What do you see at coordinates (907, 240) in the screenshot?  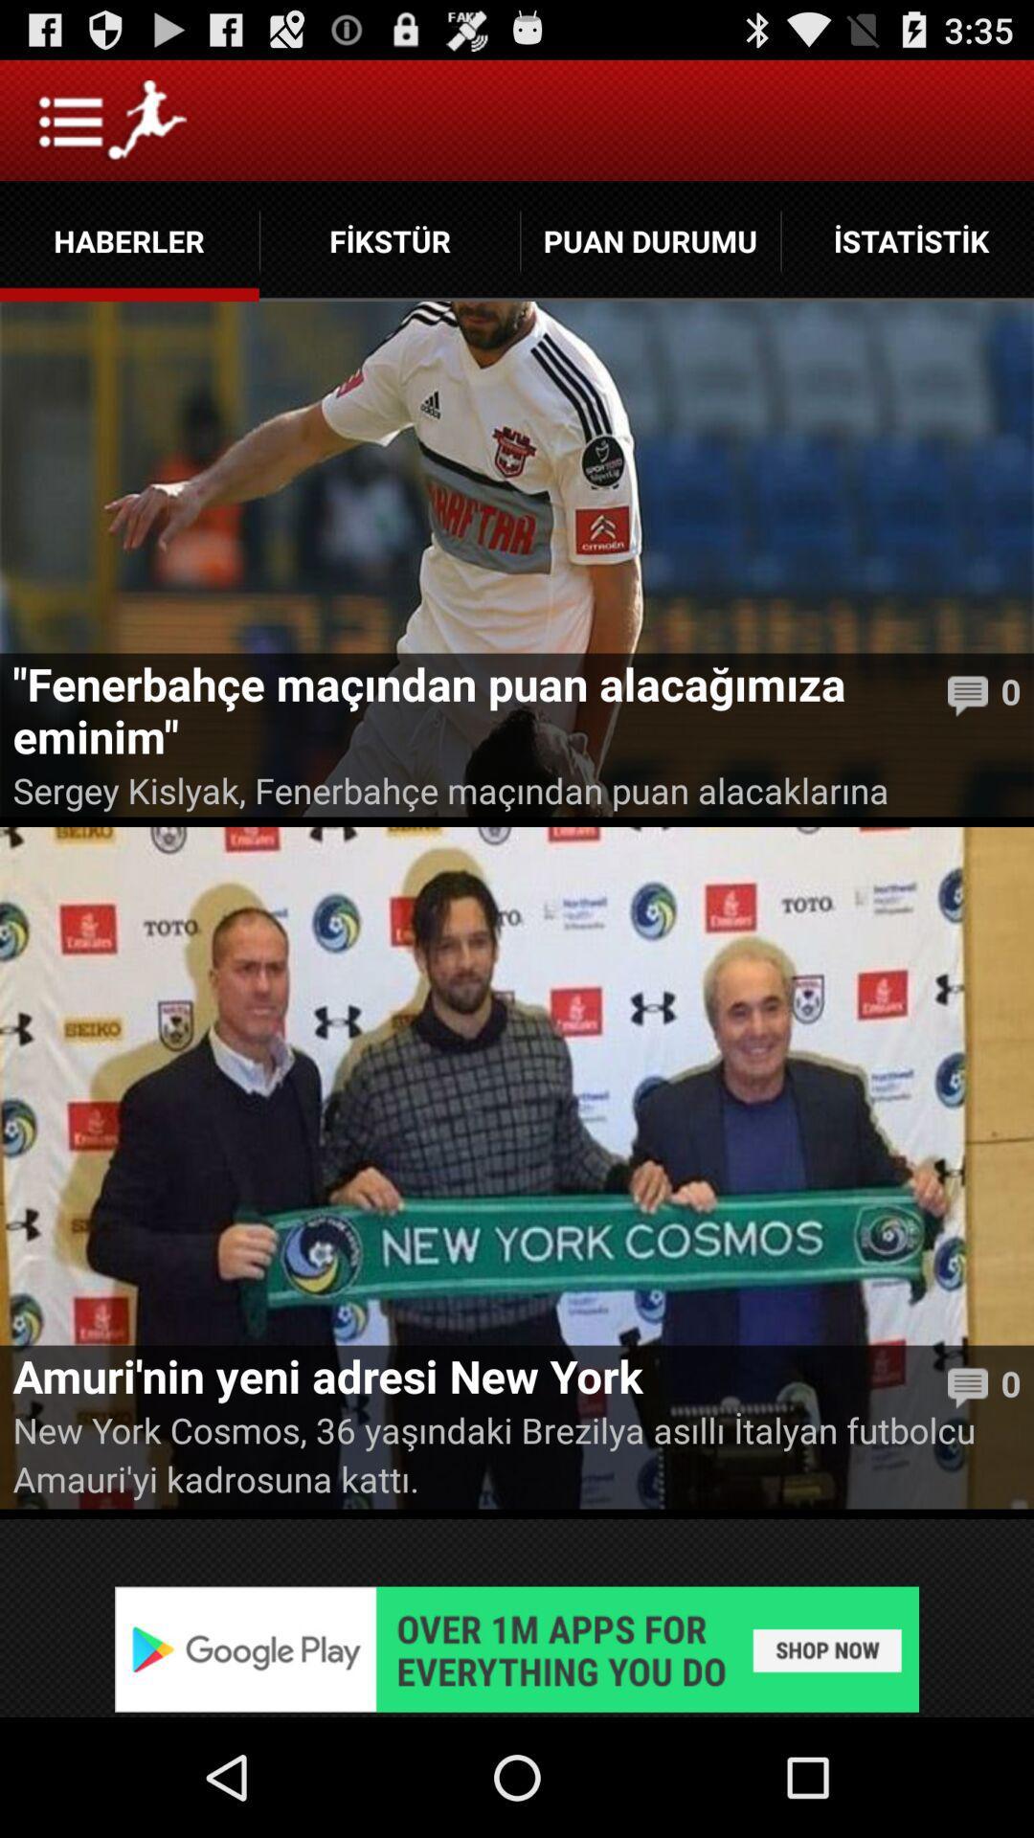 I see `the item to the right of the puan durumu item` at bounding box center [907, 240].